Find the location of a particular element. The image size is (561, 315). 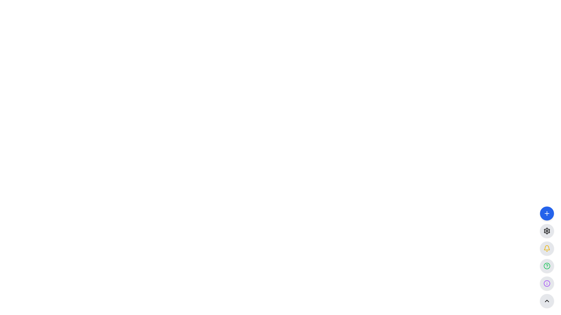

the circular green button with a question mark icon, which is the third button in a vertical stack of buttons is located at coordinates (547, 266).